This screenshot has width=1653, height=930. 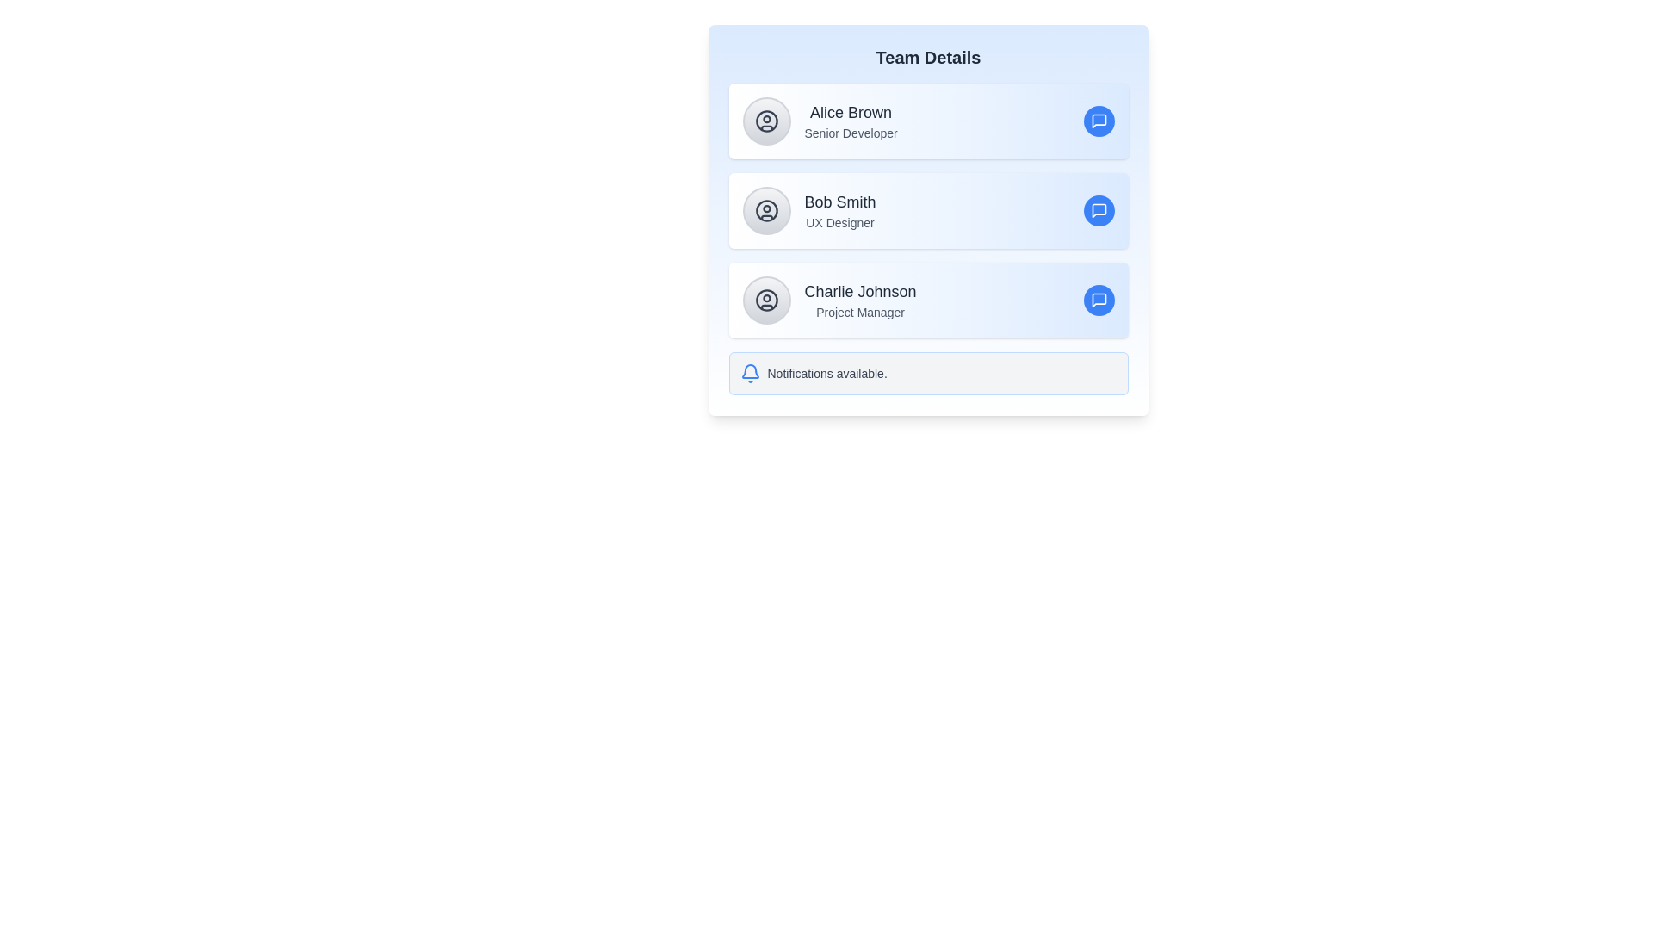 What do you see at coordinates (750, 373) in the screenshot?
I see `the notification icon located at the bottom of the application interface, which signifies notifications or alerts to the user` at bounding box center [750, 373].